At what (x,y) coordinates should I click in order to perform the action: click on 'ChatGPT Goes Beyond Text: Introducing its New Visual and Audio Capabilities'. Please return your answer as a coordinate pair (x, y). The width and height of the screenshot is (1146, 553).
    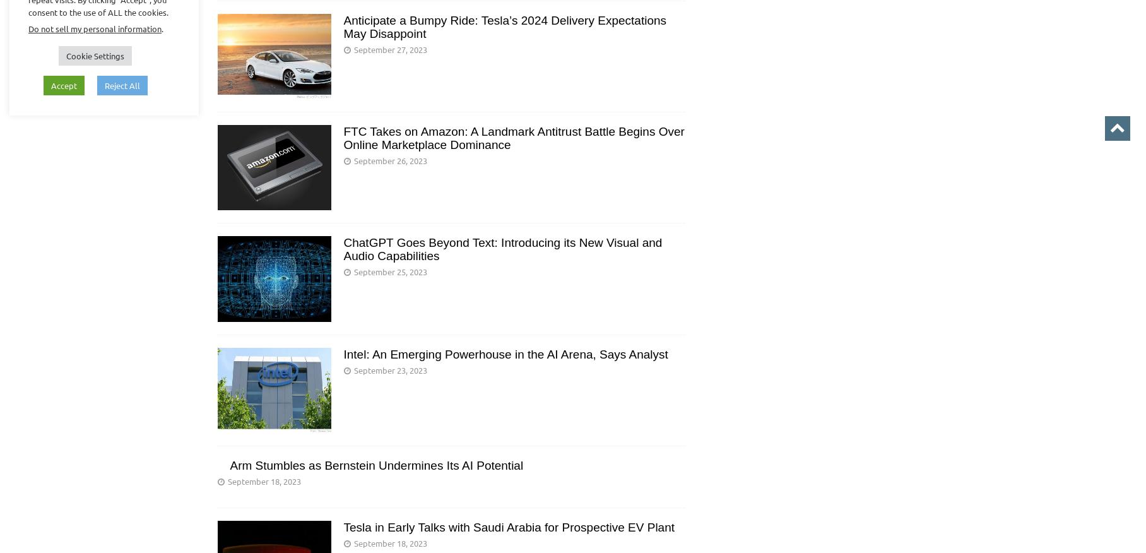
    Looking at the image, I should click on (502, 249).